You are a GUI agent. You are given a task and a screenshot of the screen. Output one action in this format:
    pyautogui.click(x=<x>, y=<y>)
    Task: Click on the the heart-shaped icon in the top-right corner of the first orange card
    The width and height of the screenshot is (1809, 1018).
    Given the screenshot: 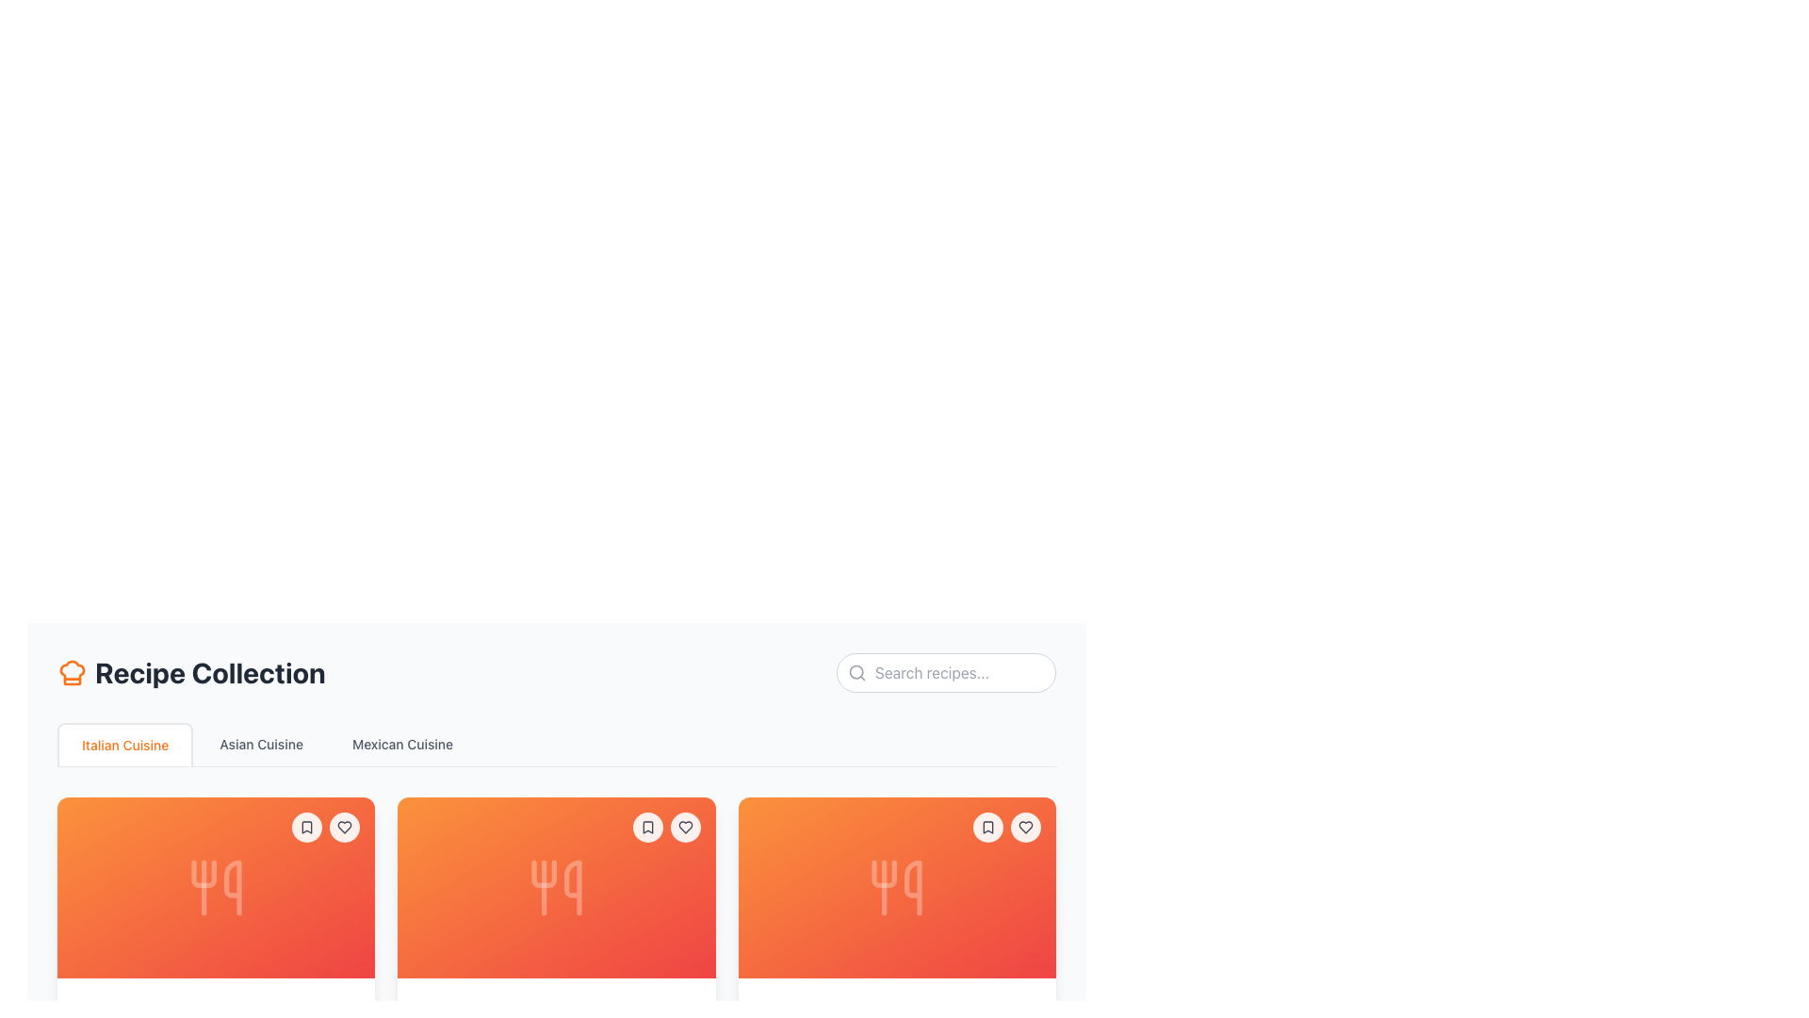 What is the action you would take?
    pyautogui.click(x=345, y=827)
    